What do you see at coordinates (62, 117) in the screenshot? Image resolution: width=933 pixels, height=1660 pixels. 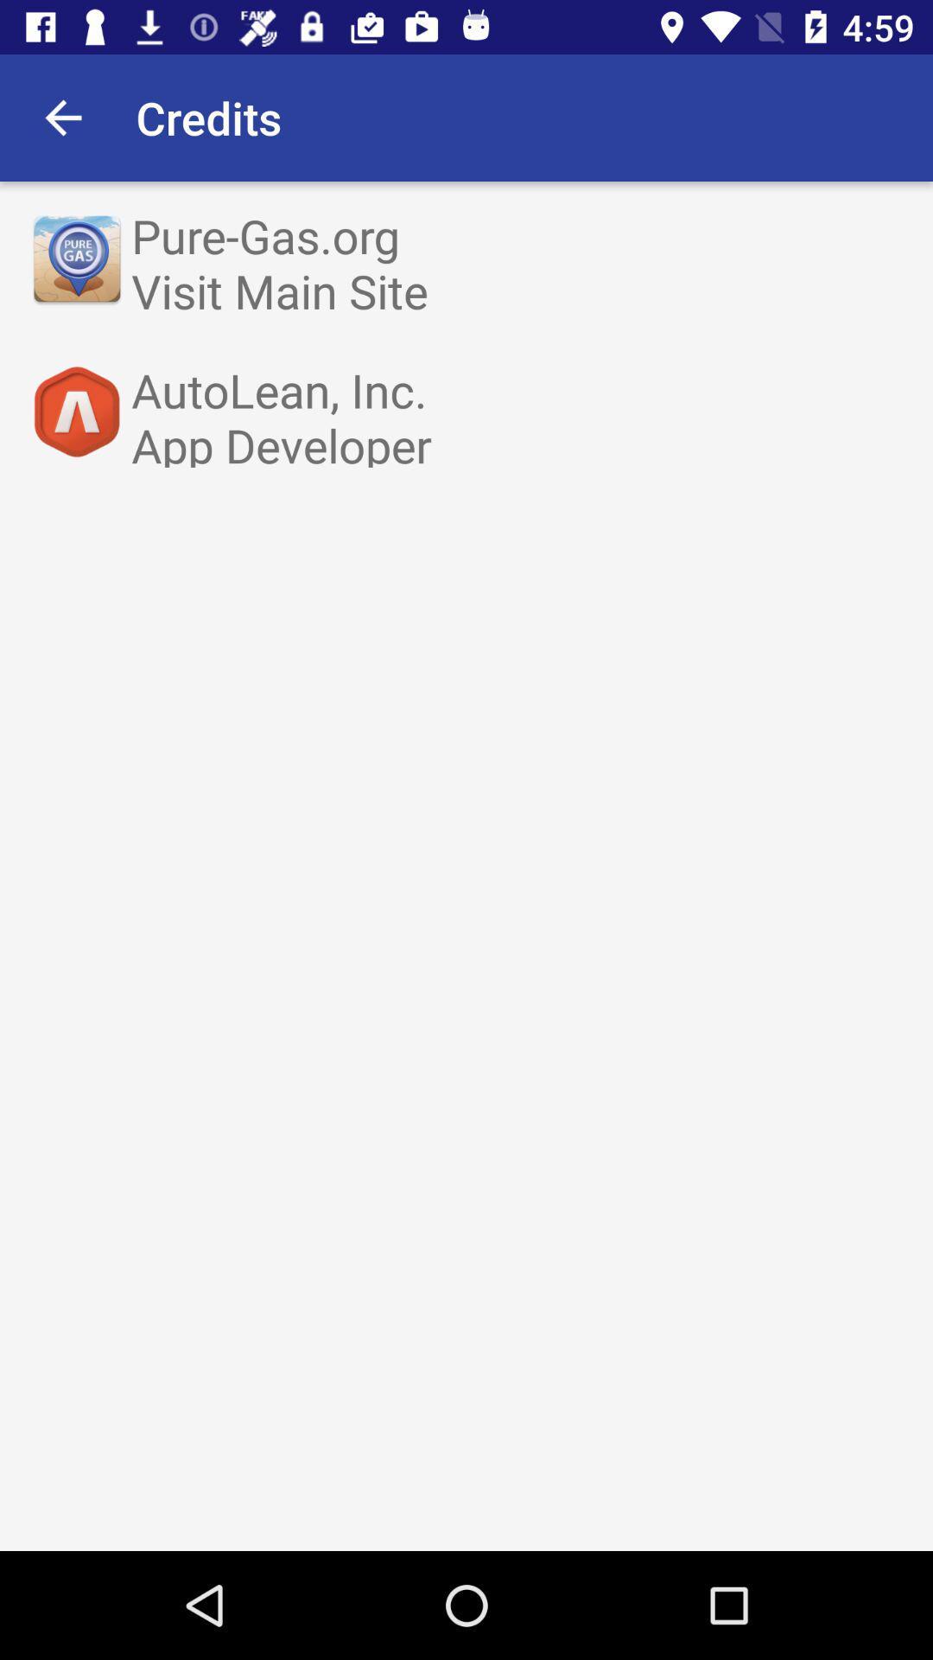 I see `the app next to the credits icon` at bounding box center [62, 117].